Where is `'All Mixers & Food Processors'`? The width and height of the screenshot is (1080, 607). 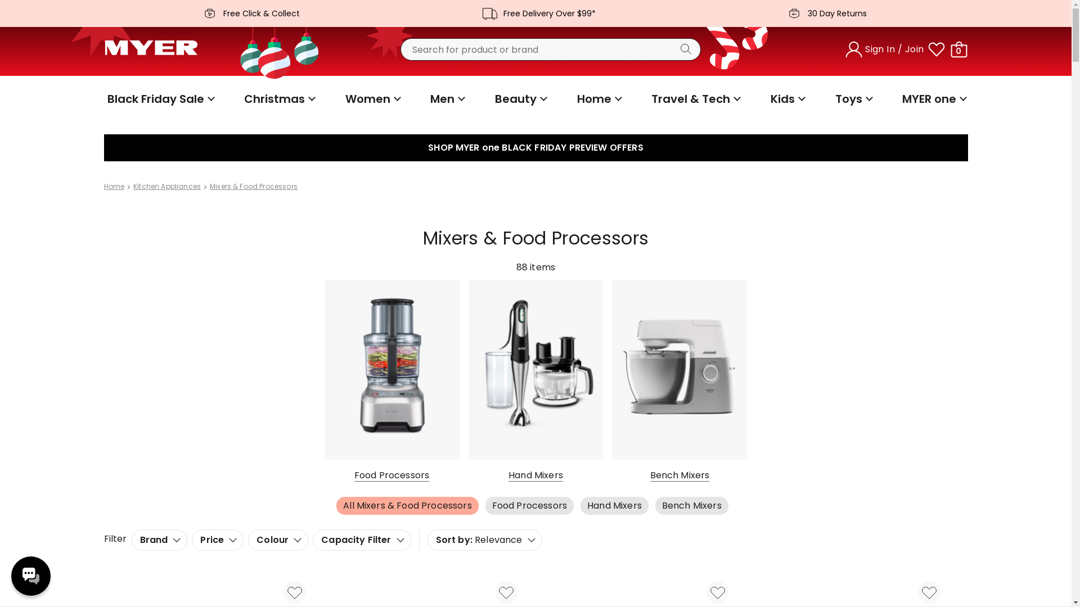 'All Mixers & Food Processors' is located at coordinates (336, 505).